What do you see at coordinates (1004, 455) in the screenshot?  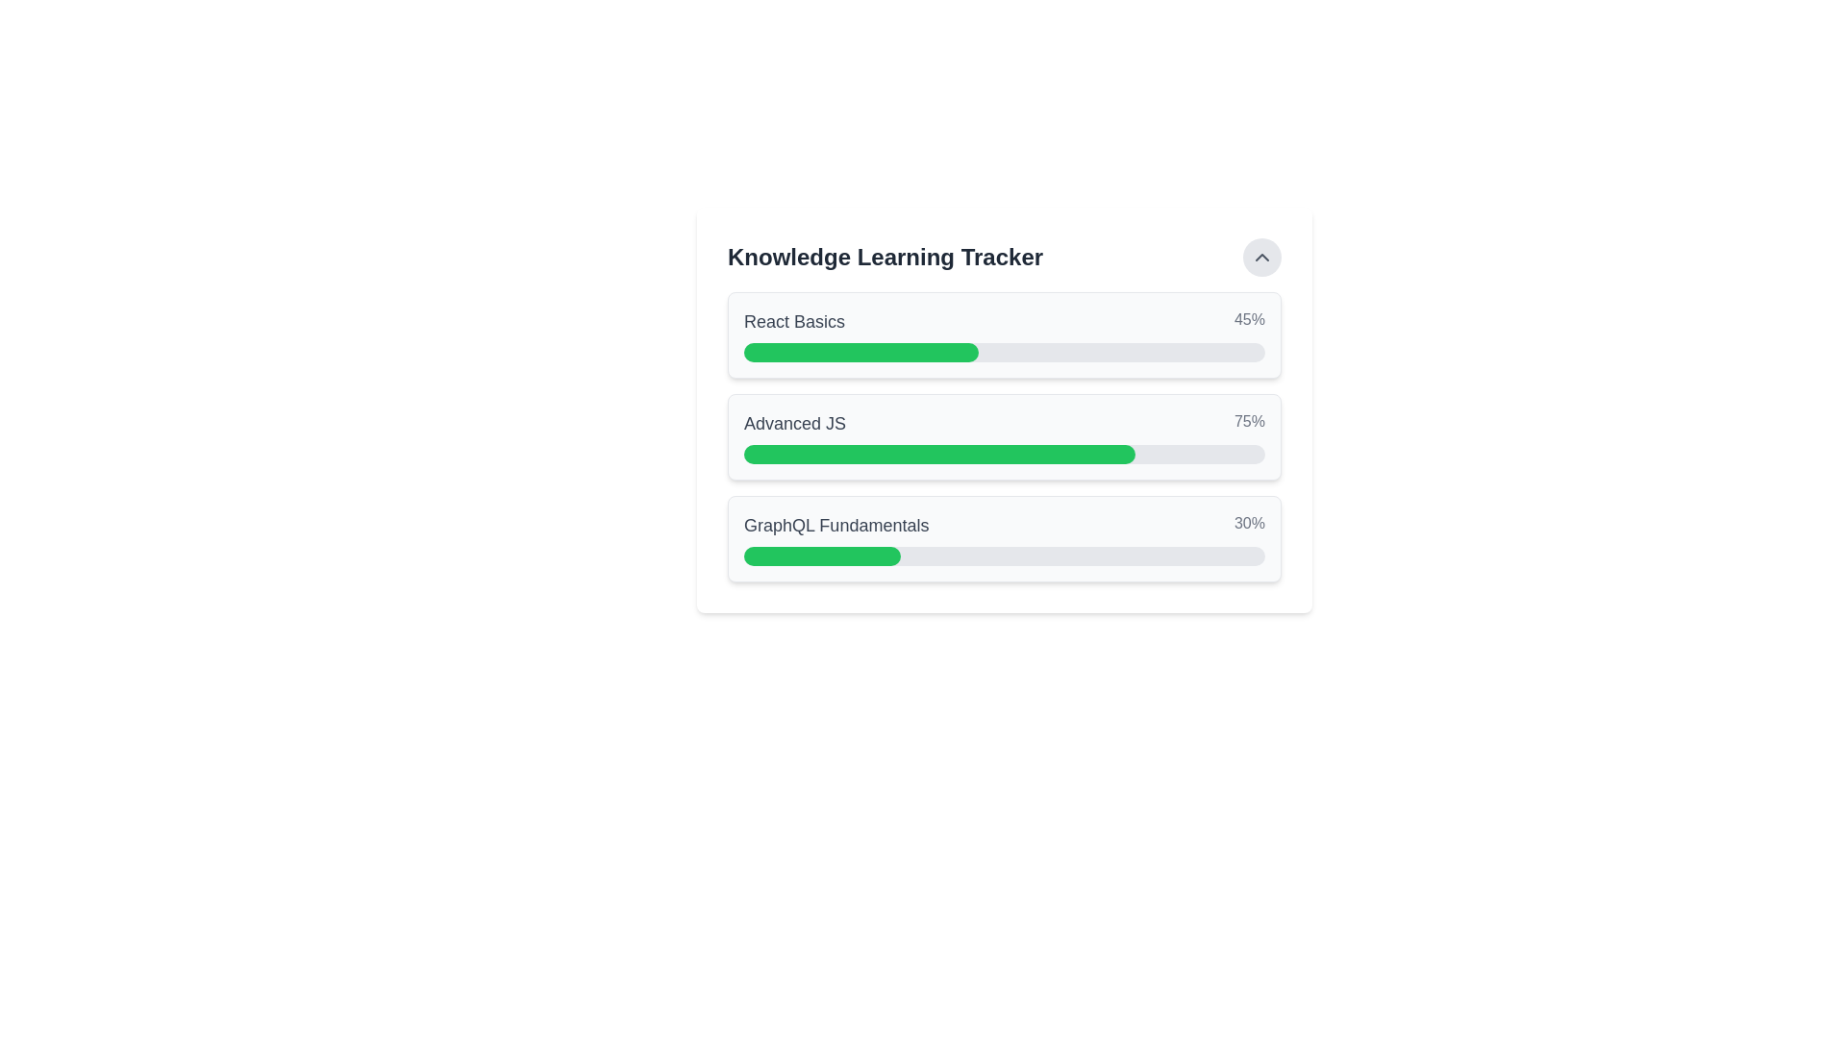 I see `the progress bar representing 75% completion for the 'Advanced JS' topic, located in the 'Knowledge Learning Tracker' widget, under the label 'Advanced JS 75%'` at bounding box center [1004, 455].